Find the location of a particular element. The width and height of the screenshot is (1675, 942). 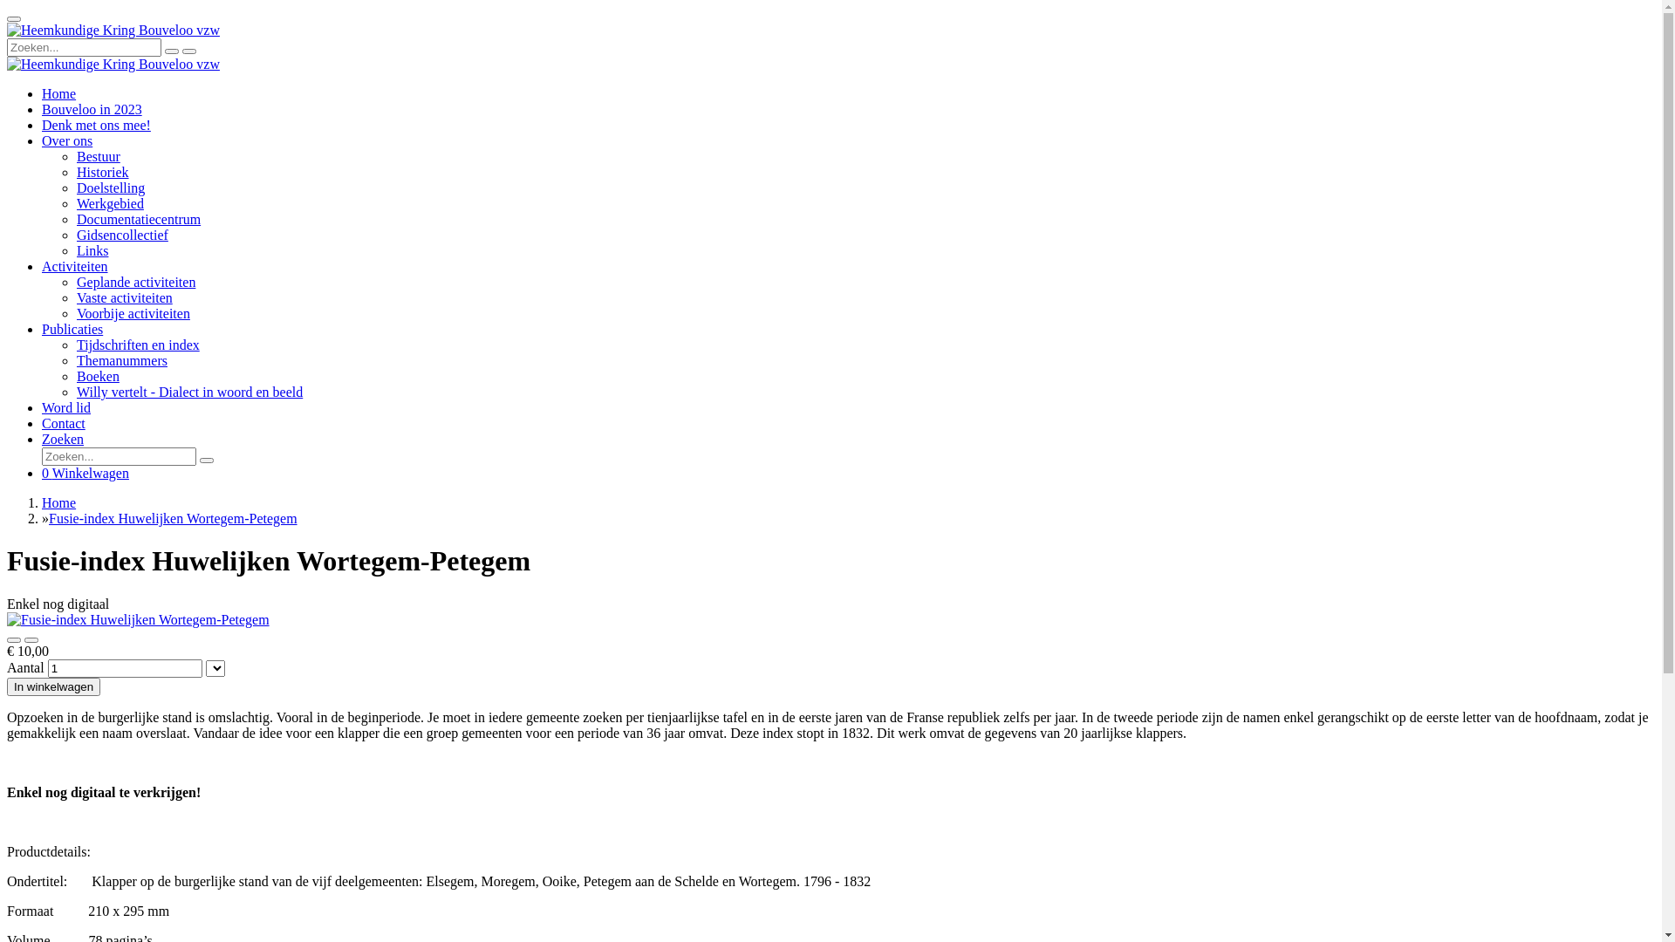

'Historiek' is located at coordinates (102, 172).